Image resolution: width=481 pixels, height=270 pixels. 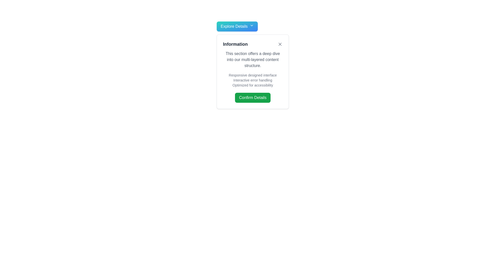 What do you see at coordinates (253, 97) in the screenshot?
I see `the green 'Confirm Details' button with rounded corners` at bounding box center [253, 97].